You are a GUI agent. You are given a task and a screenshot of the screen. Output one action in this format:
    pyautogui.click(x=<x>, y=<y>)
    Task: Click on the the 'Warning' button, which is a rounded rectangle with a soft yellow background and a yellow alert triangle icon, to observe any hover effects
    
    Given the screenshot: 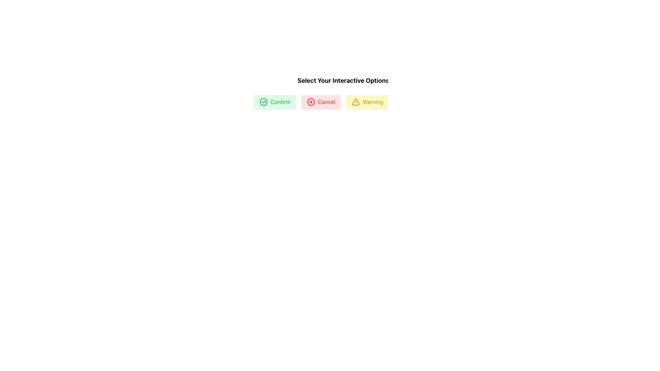 What is the action you would take?
    pyautogui.click(x=367, y=102)
    